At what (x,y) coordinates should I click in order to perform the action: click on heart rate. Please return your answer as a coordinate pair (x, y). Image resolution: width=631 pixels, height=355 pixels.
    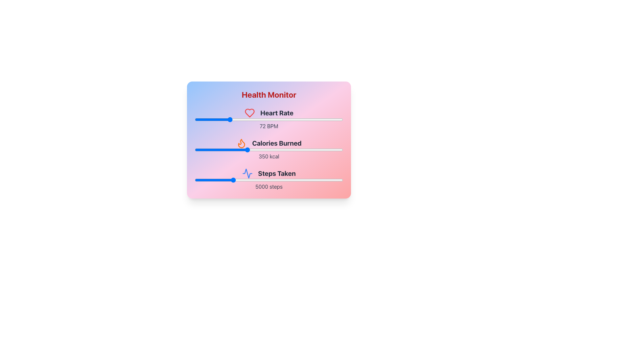
    Looking at the image, I should click on (269, 119).